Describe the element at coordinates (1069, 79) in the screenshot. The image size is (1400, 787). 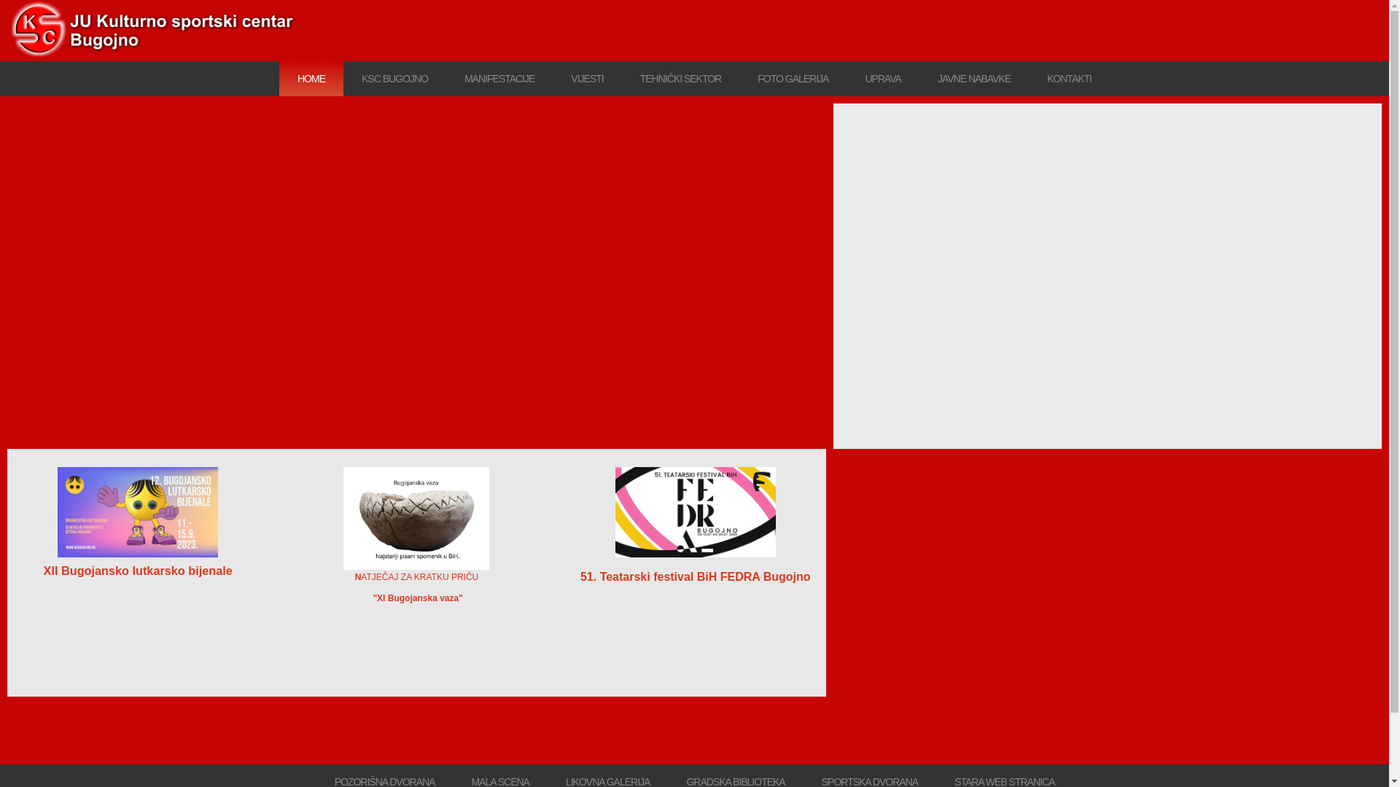
I see `'KONTAKTI'` at that location.